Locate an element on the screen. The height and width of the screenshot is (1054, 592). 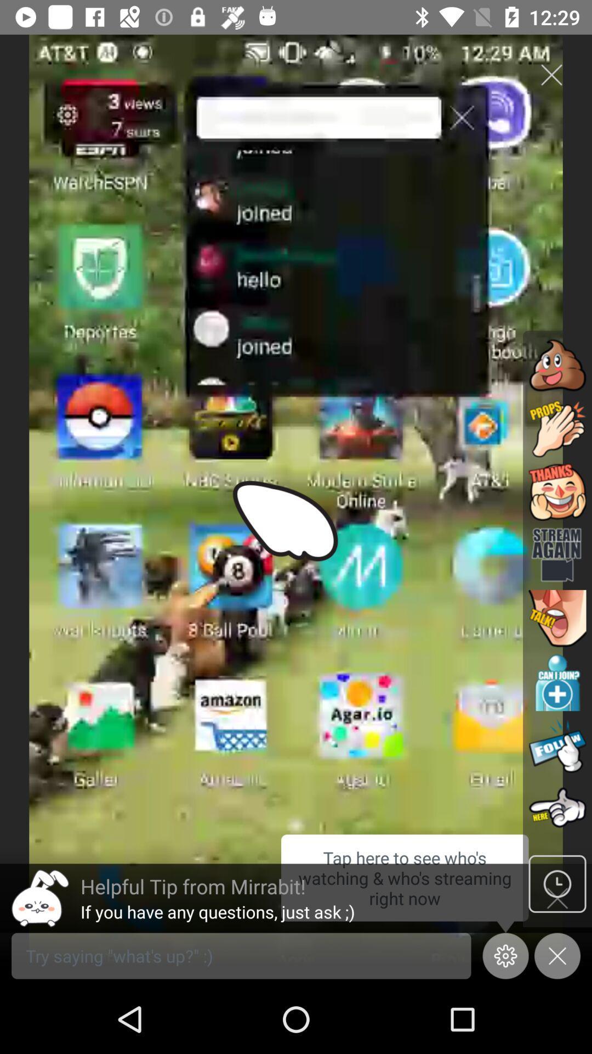
the close icon is located at coordinates (557, 955).